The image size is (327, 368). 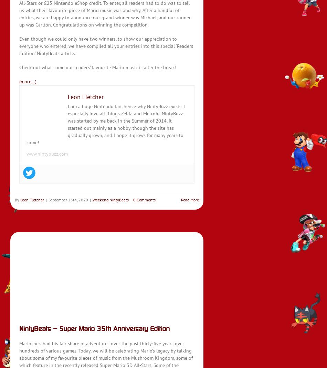 I want to click on 'September 25th, 2020', so click(x=48, y=199).